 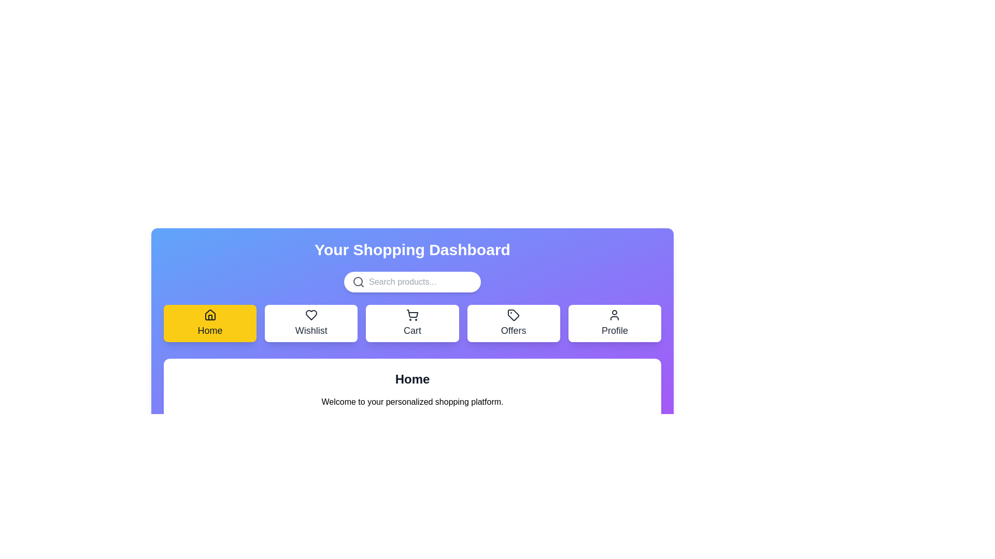 I want to click on the third button in the horizontal row of five buttons below the 'Your Shopping Dashboard' heading, so click(x=412, y=322).